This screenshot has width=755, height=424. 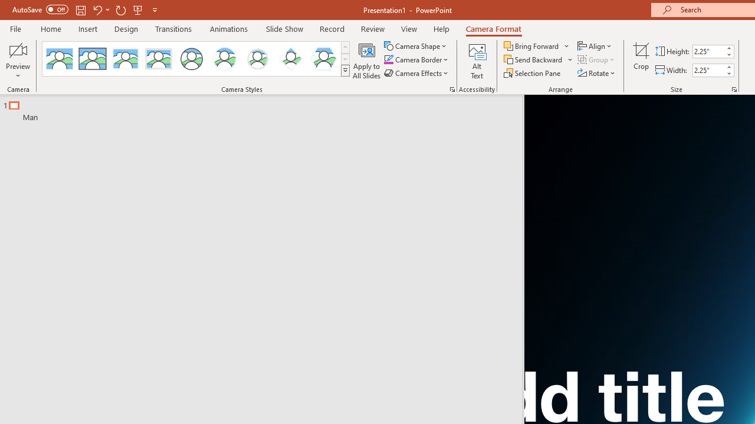 I want to click on 'Center Shadow Diamond', so click(x=290, y=59).